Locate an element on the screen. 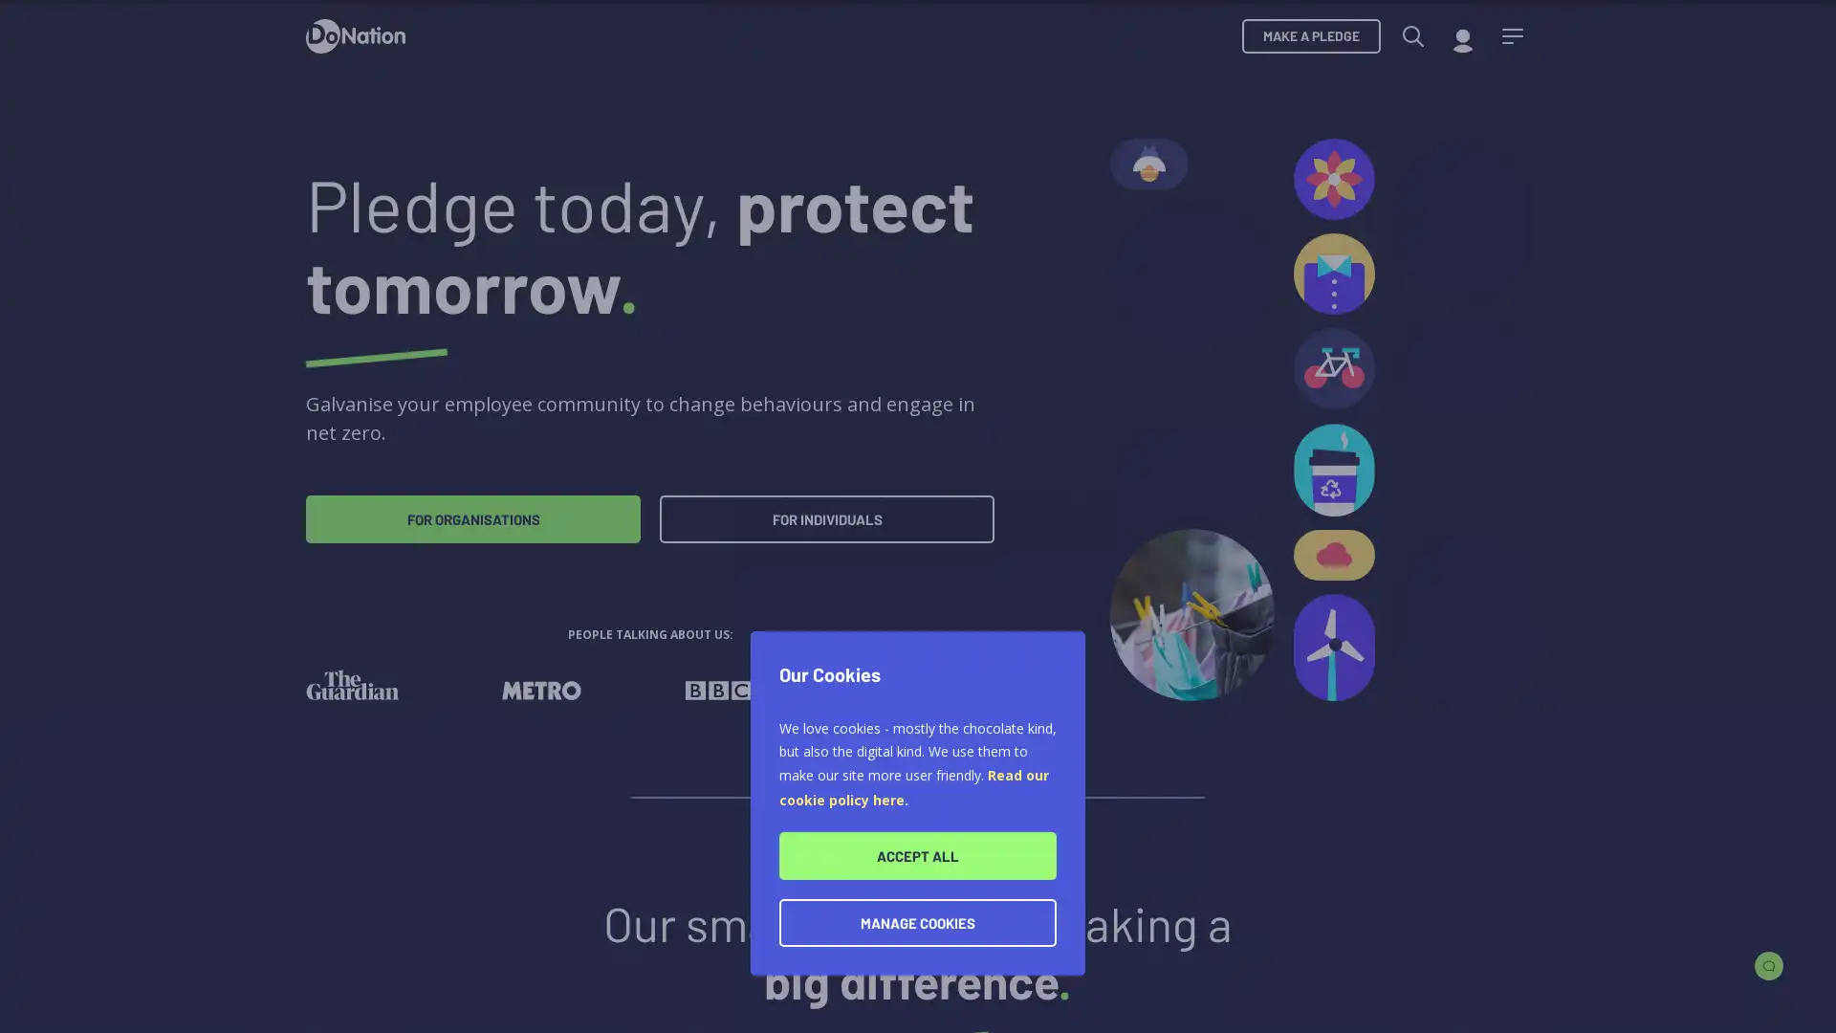  FOR ORGANISATIONS is located at coordinates (472, 519).